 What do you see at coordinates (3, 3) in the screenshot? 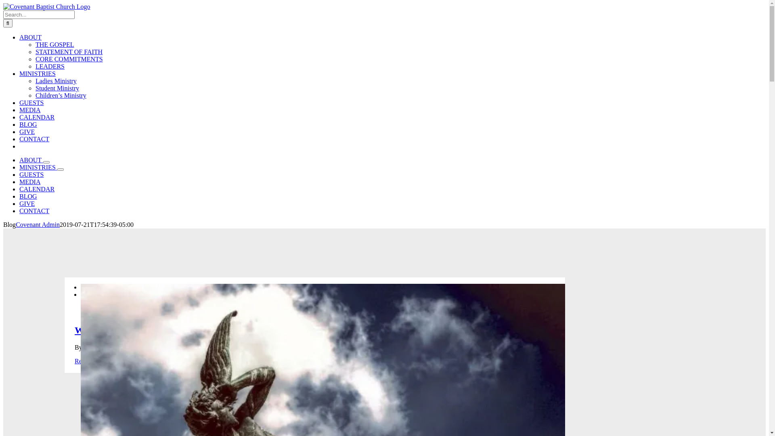
I see `'Skip to content'` at bounding box center [3, 3].